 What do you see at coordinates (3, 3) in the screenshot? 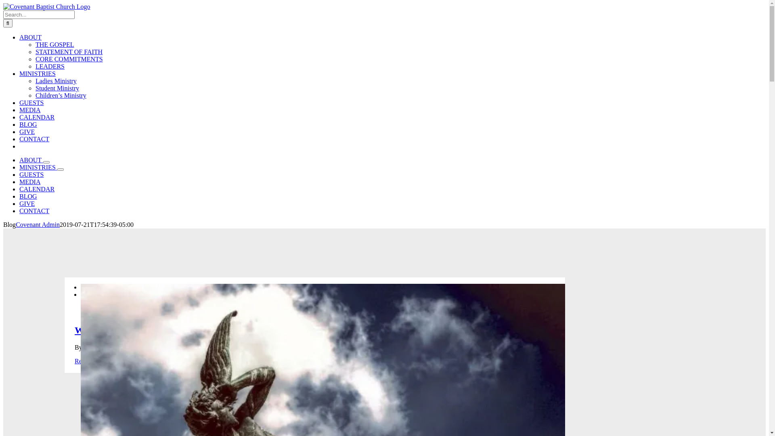
I see `'Skip to content'` at bounding box center [3, 3].